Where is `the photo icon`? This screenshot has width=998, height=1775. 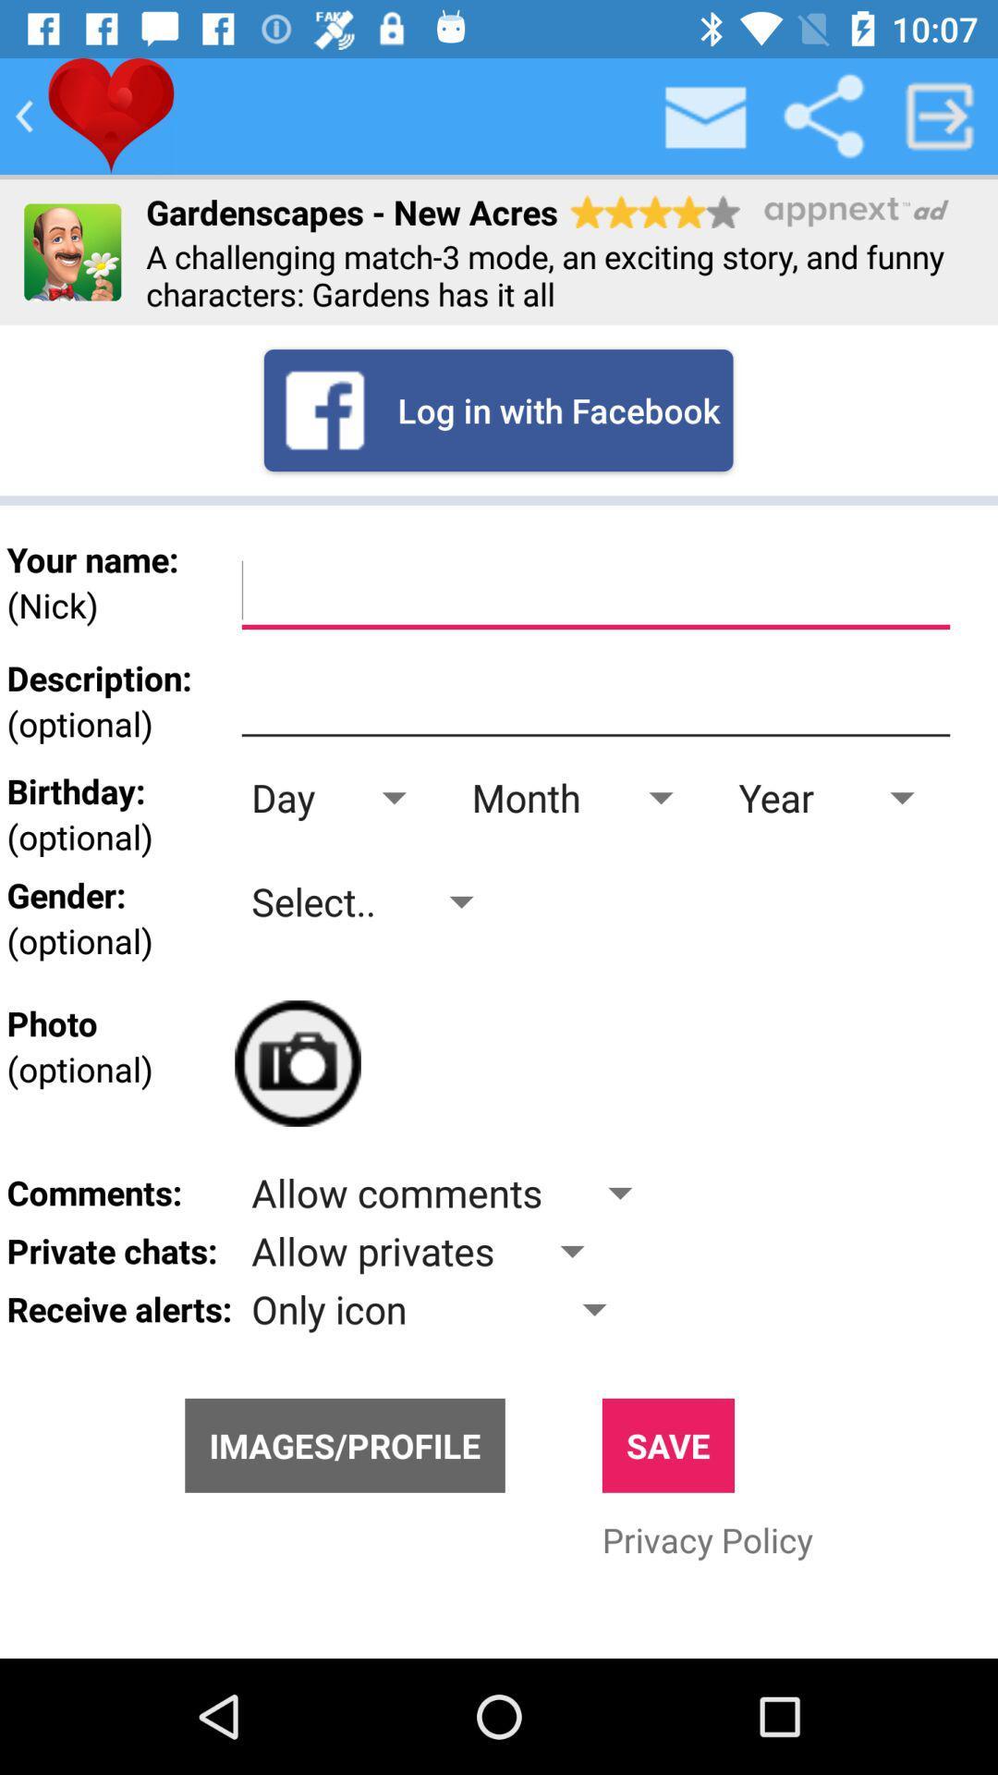
the photo icon is located at coordinates (297, 1063).